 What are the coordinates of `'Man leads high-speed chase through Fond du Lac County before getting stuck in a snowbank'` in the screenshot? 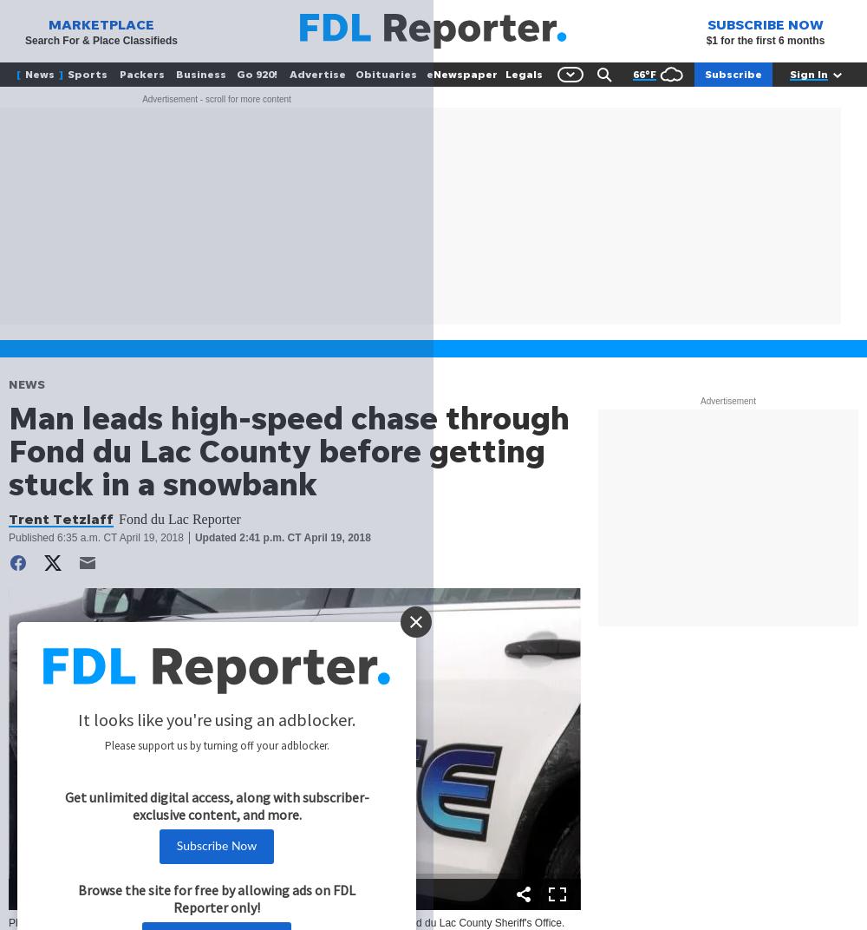 It's located at (288, 449).